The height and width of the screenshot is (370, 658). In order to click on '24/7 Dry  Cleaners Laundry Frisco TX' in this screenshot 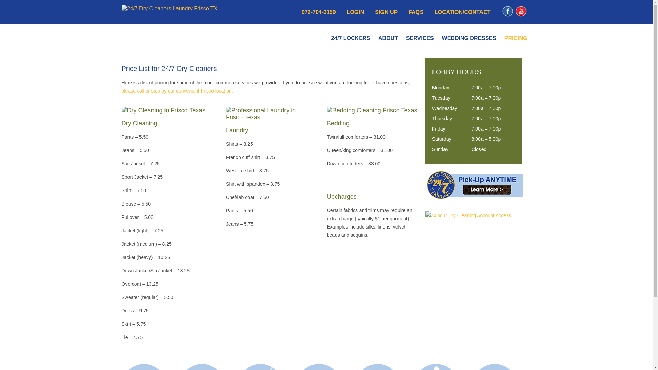, I will do `click(169, 8)`.